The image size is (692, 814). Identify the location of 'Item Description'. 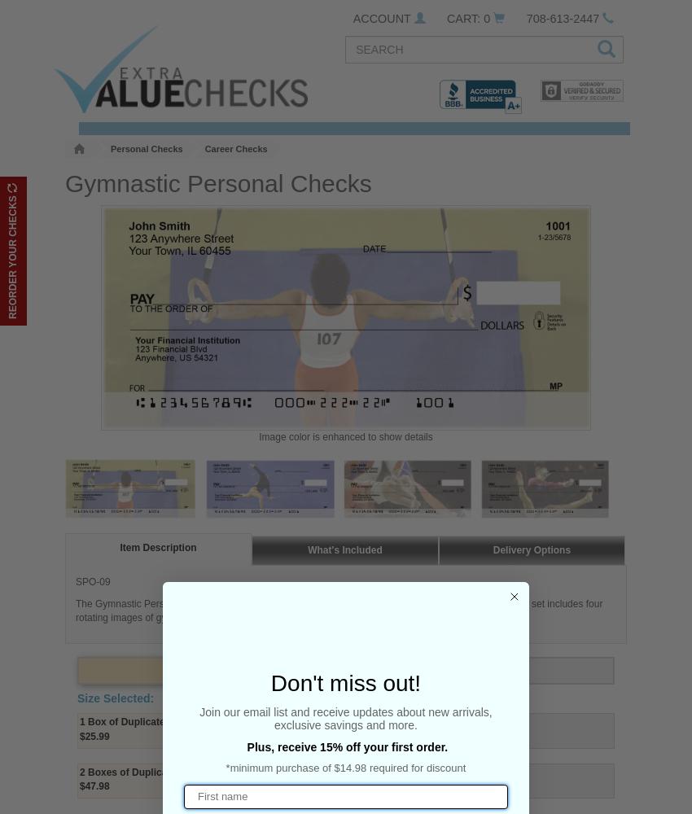
(119, 548).